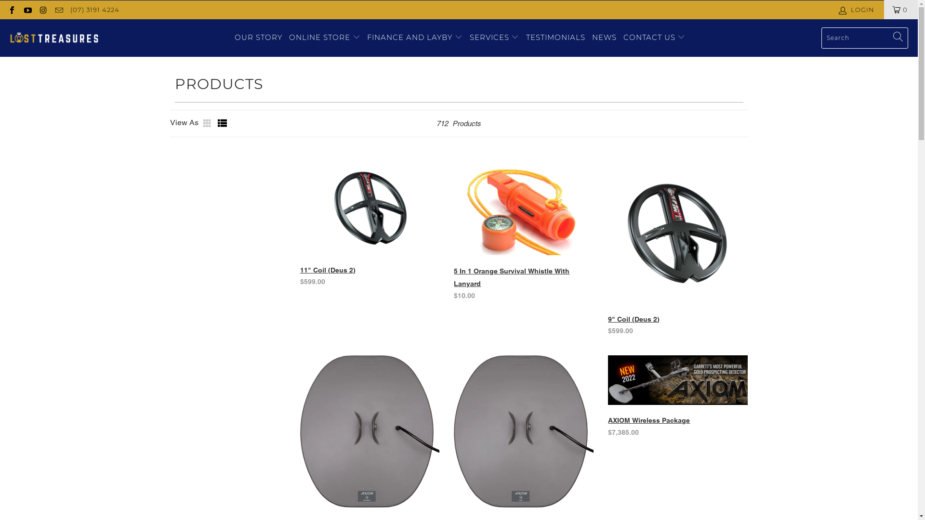  I want to click on 'Grid view', so click(208, 122).